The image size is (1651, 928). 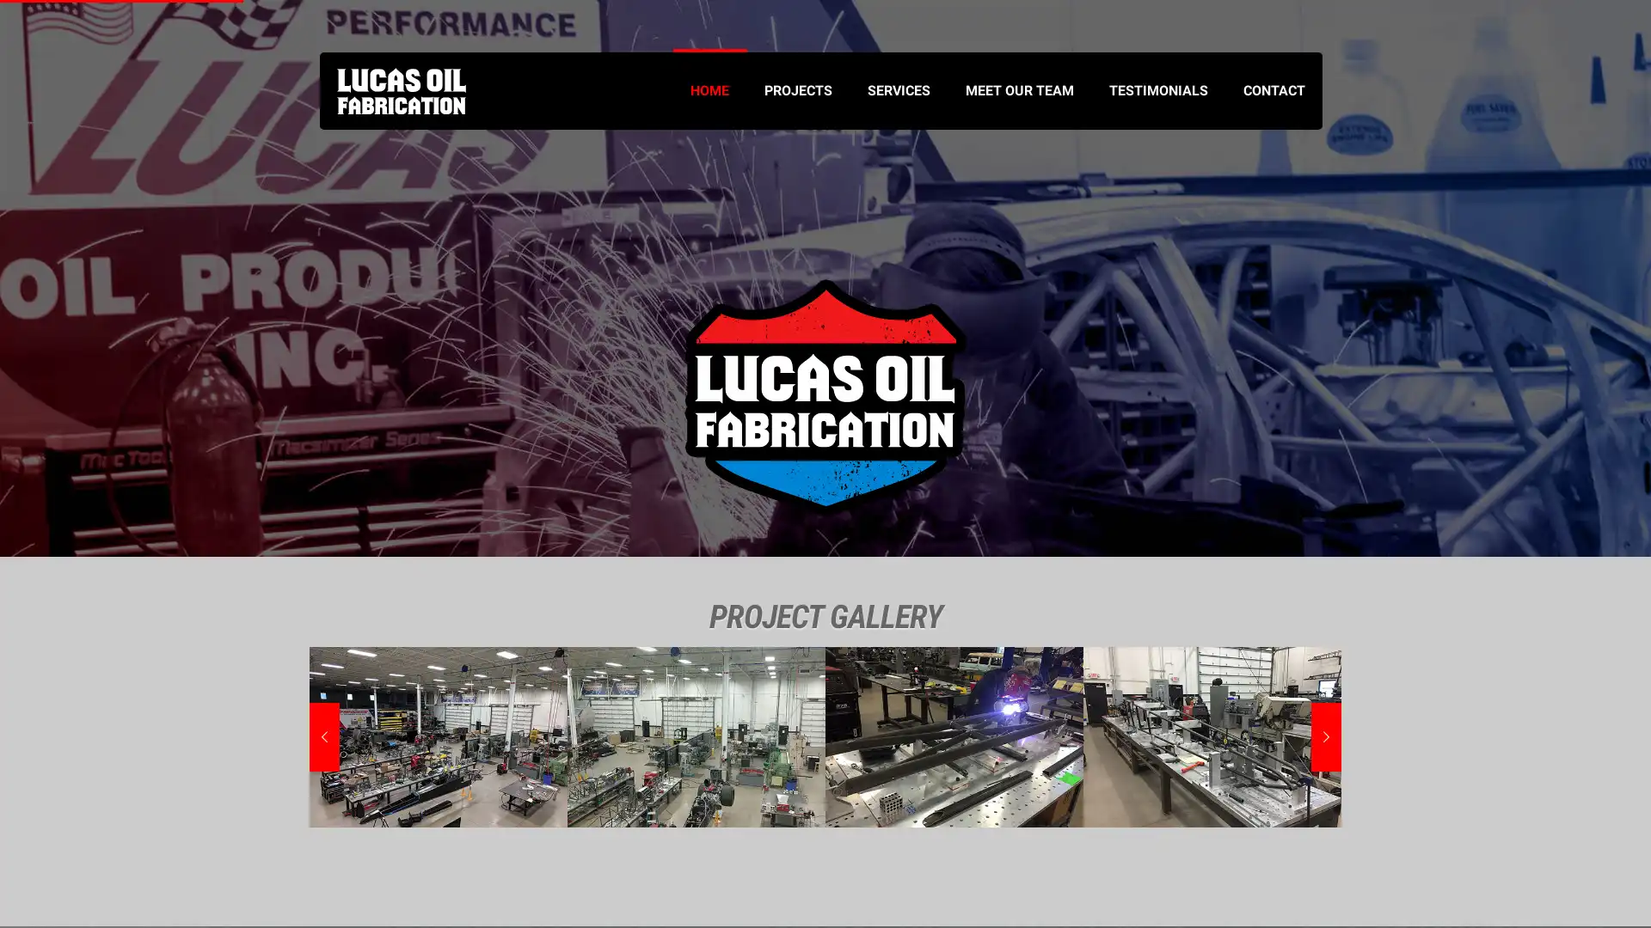 I want to click on Accept All, so click(x=335, y=856).